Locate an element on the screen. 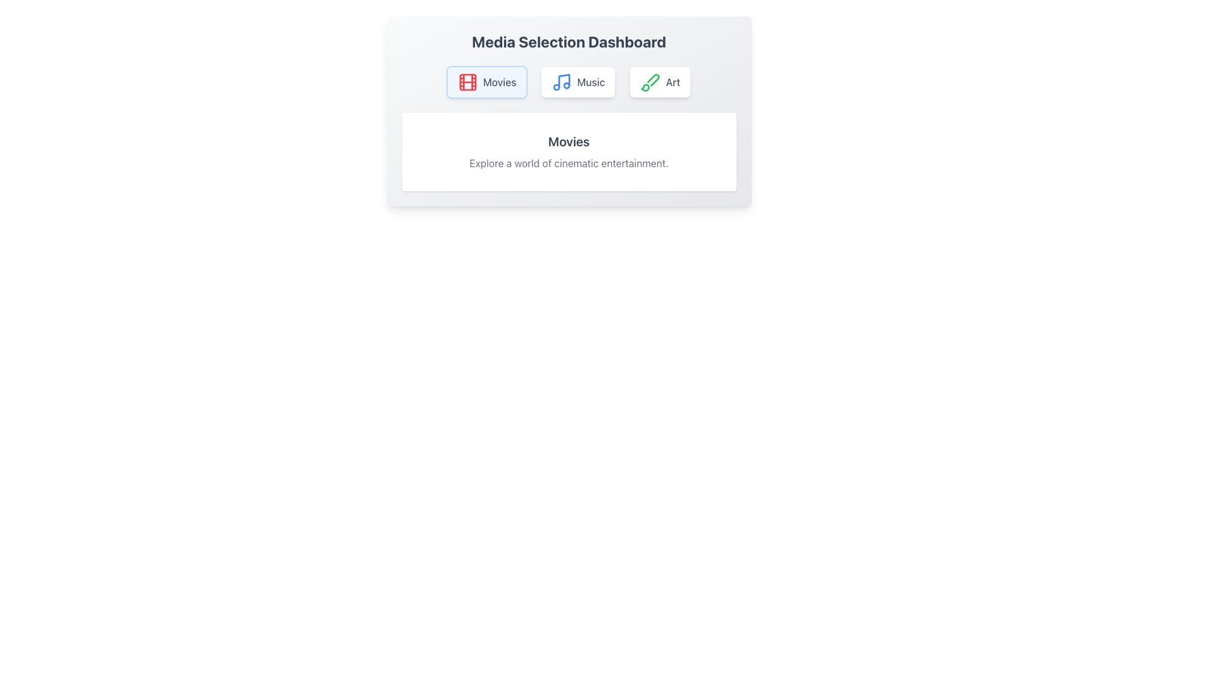 This screenshot has width=1216, height=684. the red film reel icon located on the left side of the 'Movies' button is located at coordinates (467, 82).